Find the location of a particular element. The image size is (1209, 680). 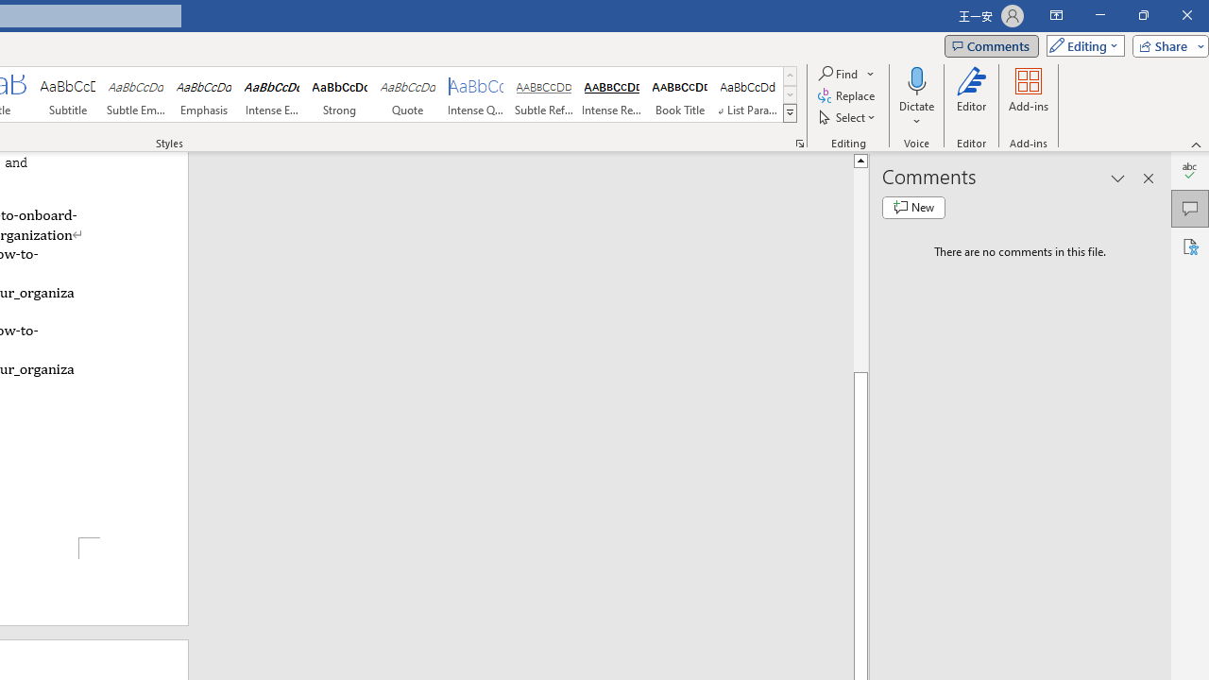

'Accessibility' is located at coordinates (1189, 246).